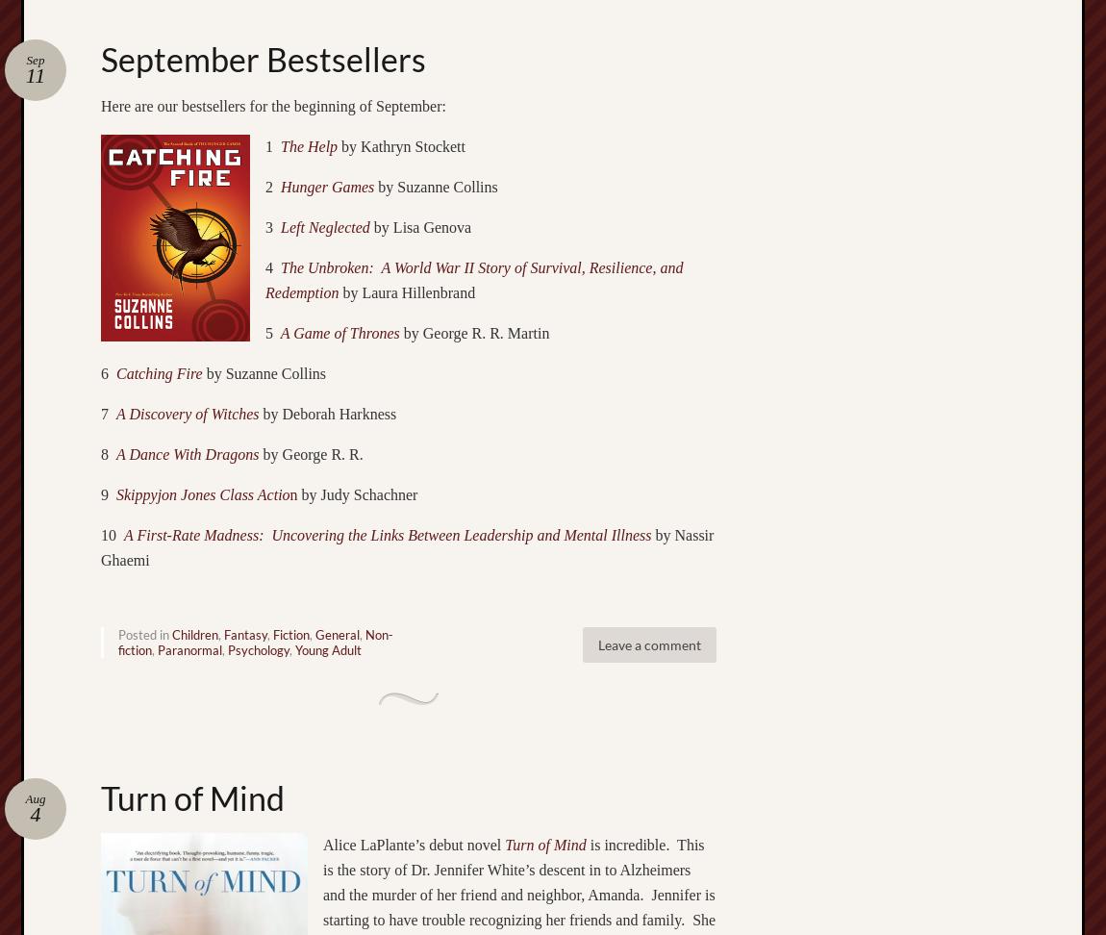 This screenshot has height=935, width=1106. Describe the element at coordinates (108, 412) in the screenshot. I see `'7'` at that location.